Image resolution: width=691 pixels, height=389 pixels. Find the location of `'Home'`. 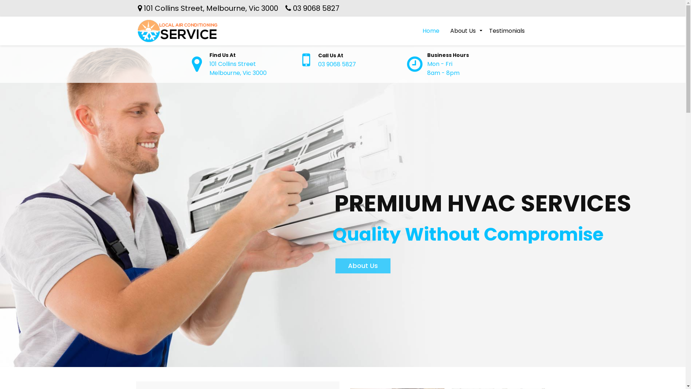

'Home' is located at coordinates (430, 30).